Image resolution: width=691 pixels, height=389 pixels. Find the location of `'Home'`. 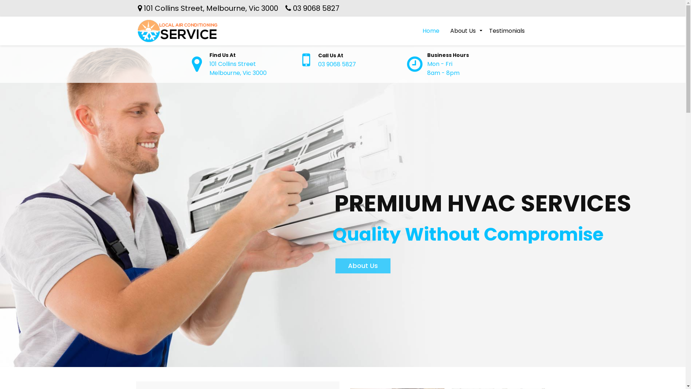

'Home' is located at coordinates (430, 30).